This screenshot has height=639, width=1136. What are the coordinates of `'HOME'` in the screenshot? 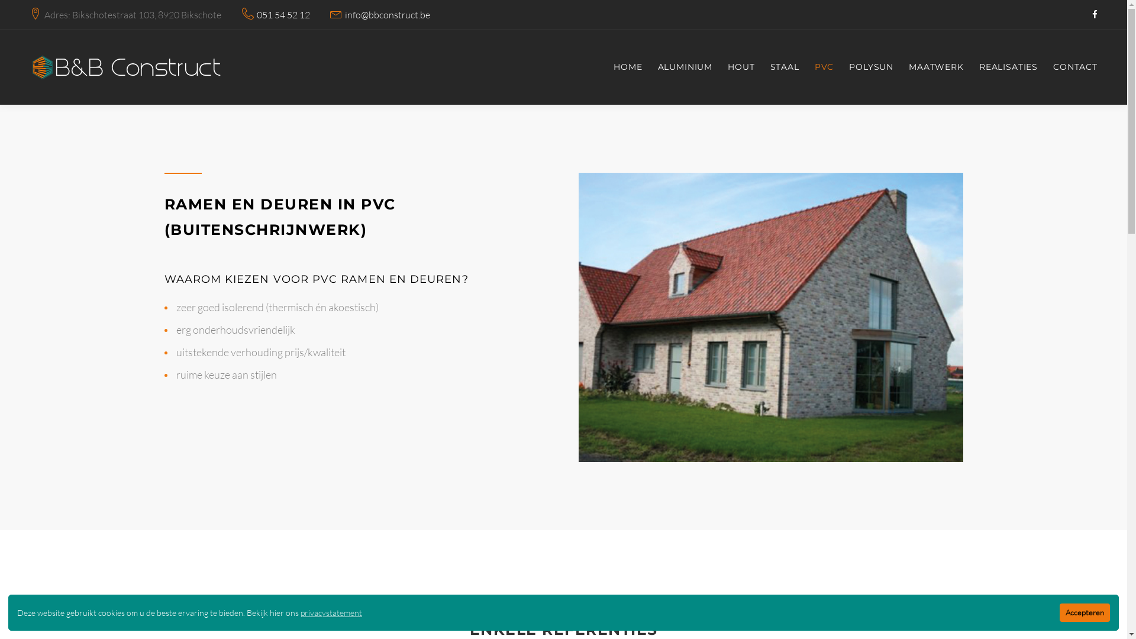 It's located at (627, 67).